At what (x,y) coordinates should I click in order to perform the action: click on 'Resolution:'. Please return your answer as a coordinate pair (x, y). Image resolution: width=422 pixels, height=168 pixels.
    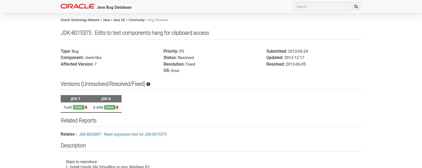
    Looking at the image, I should click on (174, 64).